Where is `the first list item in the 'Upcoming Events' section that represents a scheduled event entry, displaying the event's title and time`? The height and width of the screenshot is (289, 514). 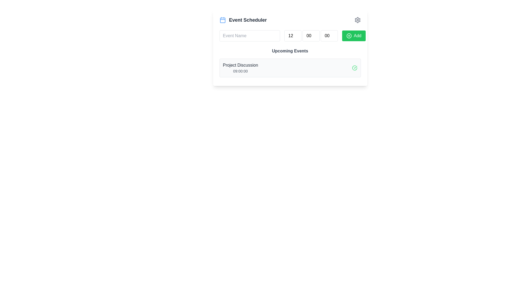
the first list item in the 'Upcoming Events' section that represents a scheduled event entry, displaying the event's title and time is located at coordinates (290, 68).